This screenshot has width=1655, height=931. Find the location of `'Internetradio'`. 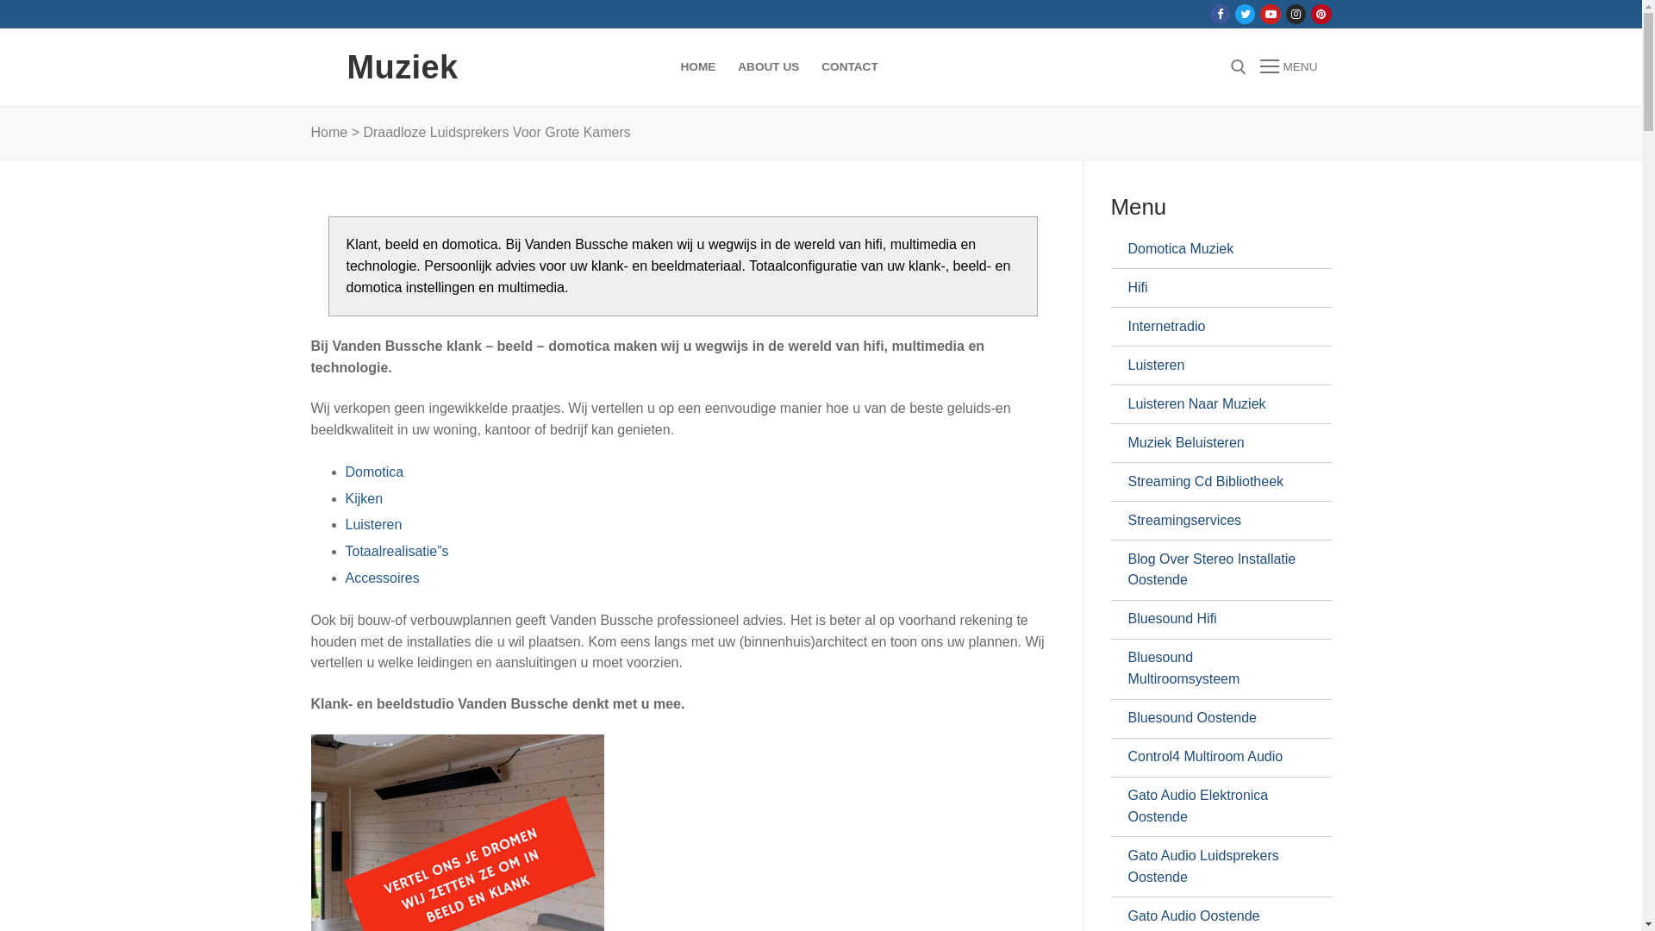

'Internetradio' is located at coordinates (1212, 326).